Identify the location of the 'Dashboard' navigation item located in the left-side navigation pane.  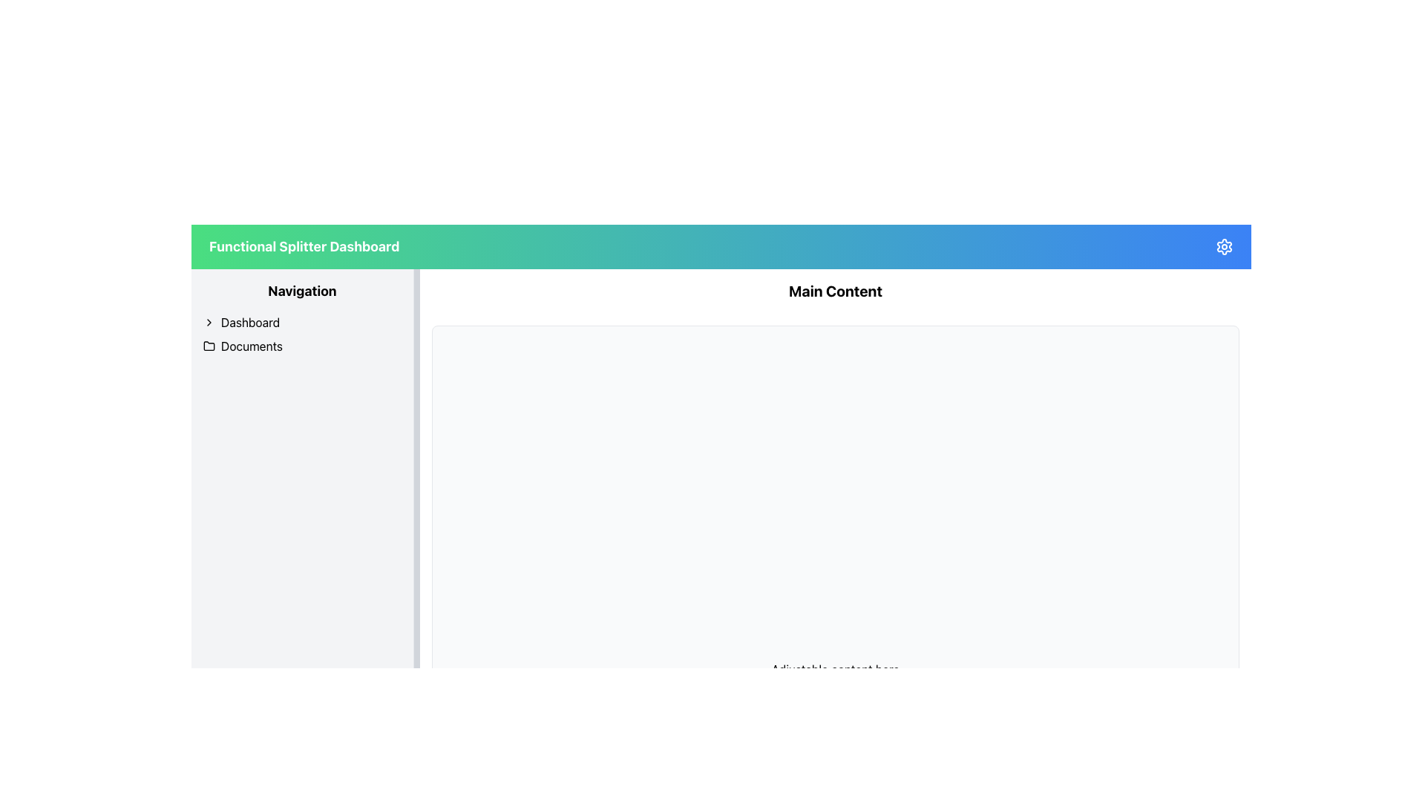
(301, 322).